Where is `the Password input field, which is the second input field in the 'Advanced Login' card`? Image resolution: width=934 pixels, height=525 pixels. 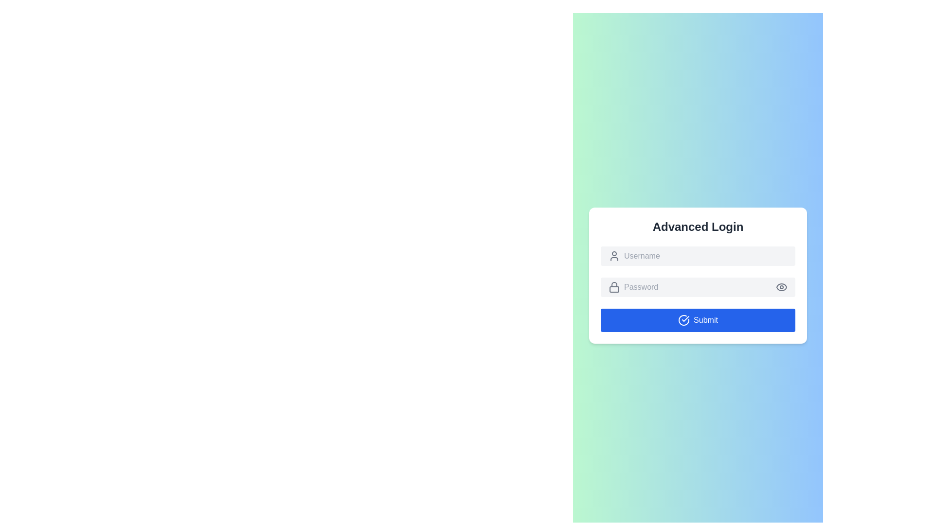 the Password input field, which is the second input field in the 'Advanced Login' card is located at coordinates (698, 276).